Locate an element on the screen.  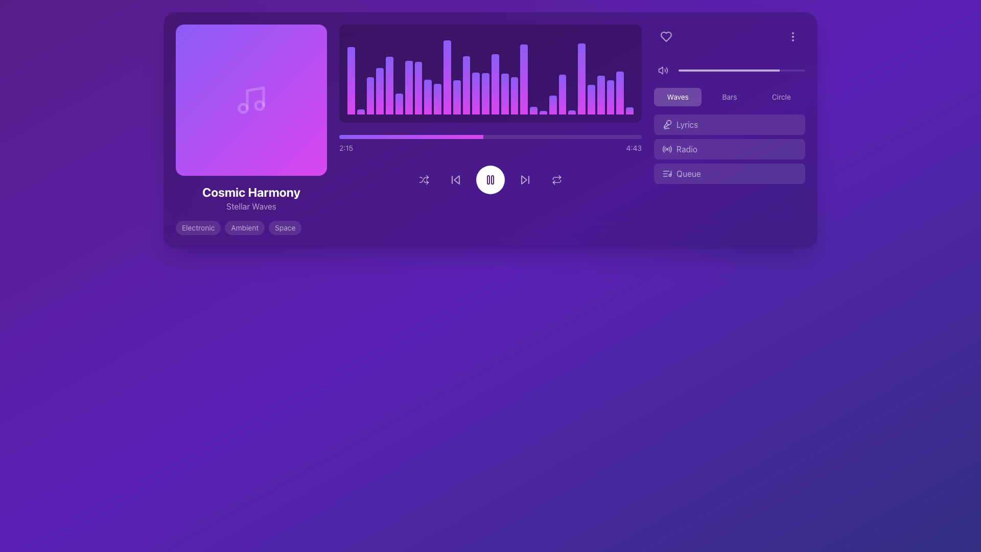
the microphone icon located inside the 'Lyrics' button, which is styled with a white outline and positioned below the wave visualization mode selection is located at coordinates (667, 124).